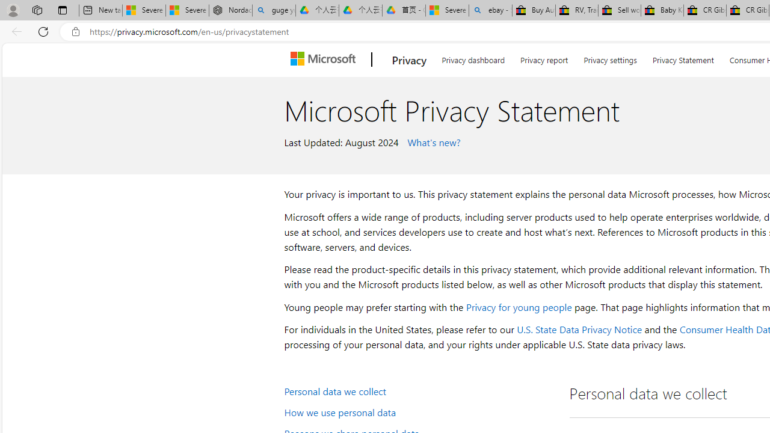 This screenshot has width=770, height=433. What do you see at coordinates (472, 58) in the screenshot?
I see `'Privacy dashboard'` at bounding box center [472, 58].